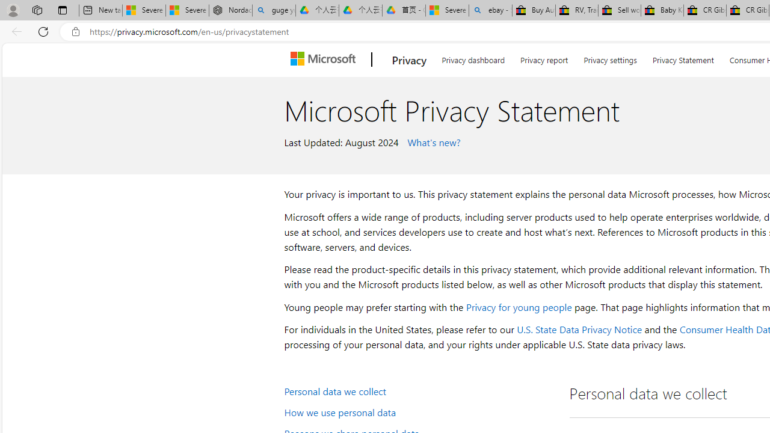 This screenshot has width=770, height=433. What do you see at coordinates (472, 58) in the screenshot?
I see `'Privacy dashboard'` at bounding box center [472, 58].